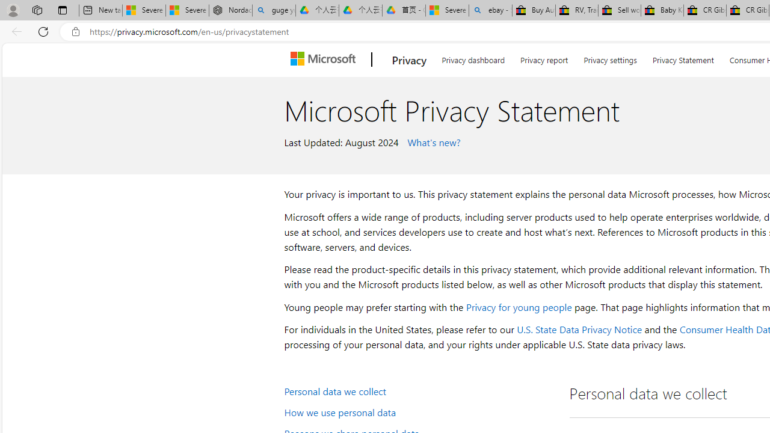 This screenshot has width=770, height=433. What do you see at coordinates (472, 58) in the screenshot?
I see `'Privacy dashboard'` at bounding box center [472, 58].